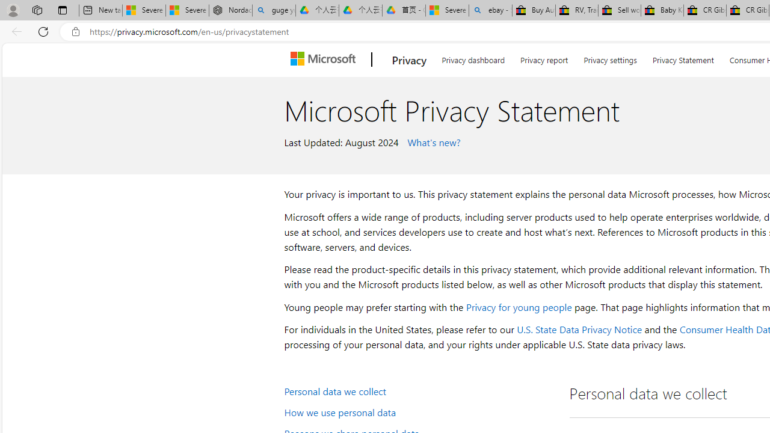 This screenshot has width=770, height=433. What do you see at coordinates (472, 58) in the screenshot?
I see `'Privacy dashboard'` at bounding box center [472, 58].